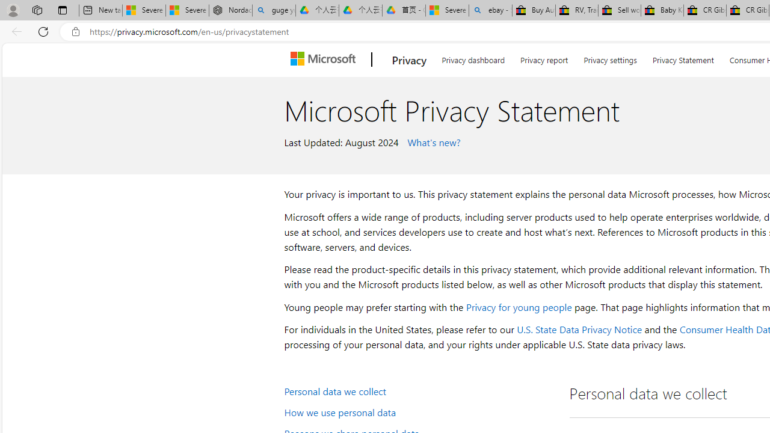 This screenshot has width=770, height=433. What do you see at coordinates (472, 58) in the screenshot?
I see `'Privacy dashboard'` at bounding box center [472, 58].